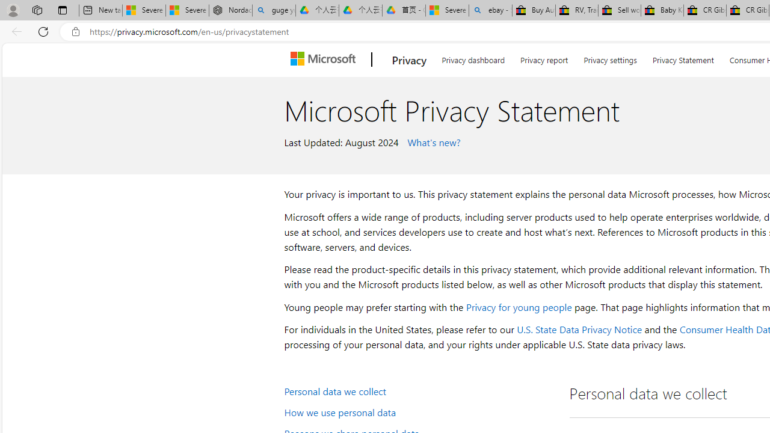 This screenshot has width=770, height=433. What do you see at coordinates (472, 58) in the screenshot?
I see `'Privacy dashboard'` at bounding box center [472, 58].